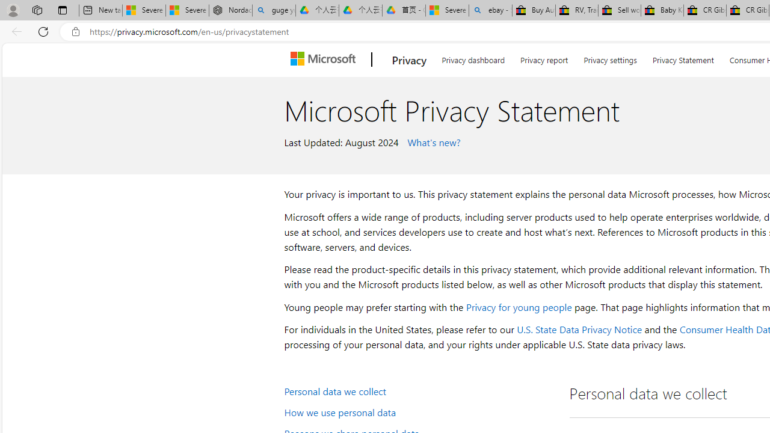 This screenshot has width=770, height=433. What do you see at coordinates (472, 58) in the screenshot?
I see `'Privacy dashboard'` at bounding box center [472, 58].